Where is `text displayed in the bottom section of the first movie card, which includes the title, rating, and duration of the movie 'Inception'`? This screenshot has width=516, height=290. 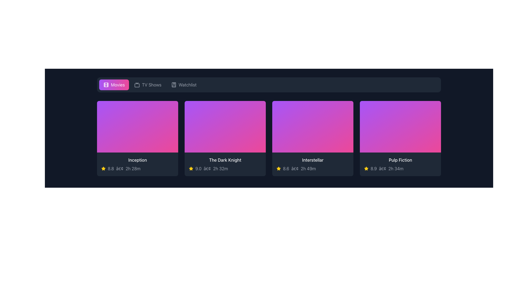
text displayed in the bottom section of the first movie card, which includes the title, rating, and duration of the movie 'Inception' is located at coordinates (138, 164).